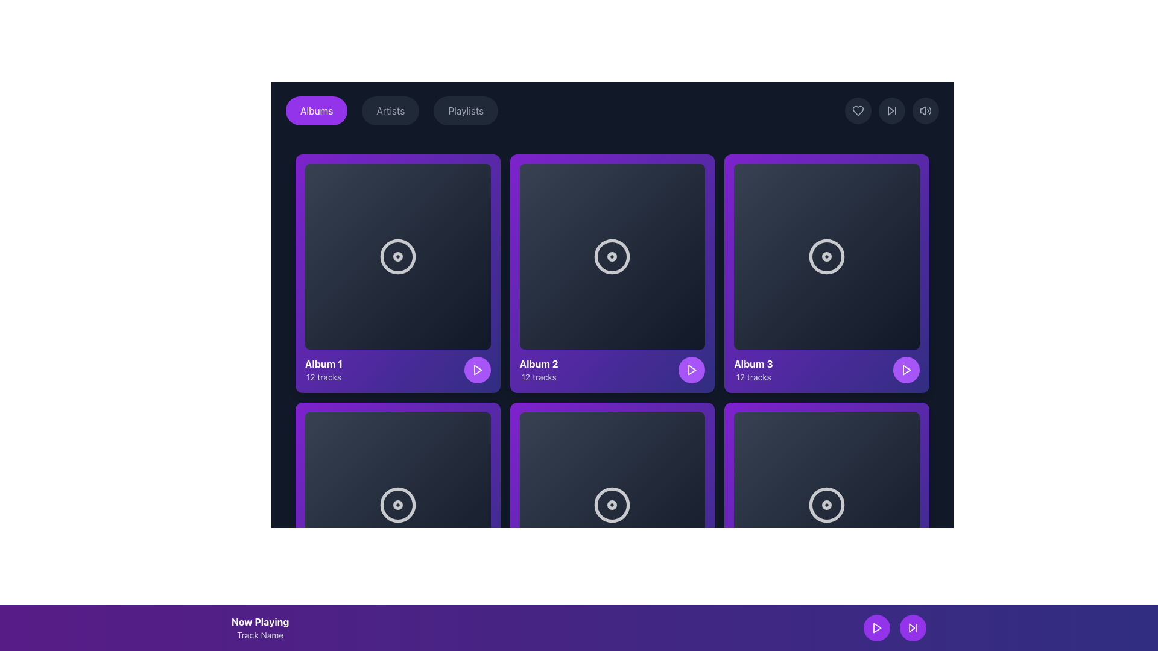 This screenshot has width=1158, height=651. What do you see at coordinates (538, 363) in the screenshot?
I see `the album title text label that is located in the center of the second column of the grid layout, positioned above the text '12 tracks' and below the circular graphical representation` at bounding box center [538, 363].